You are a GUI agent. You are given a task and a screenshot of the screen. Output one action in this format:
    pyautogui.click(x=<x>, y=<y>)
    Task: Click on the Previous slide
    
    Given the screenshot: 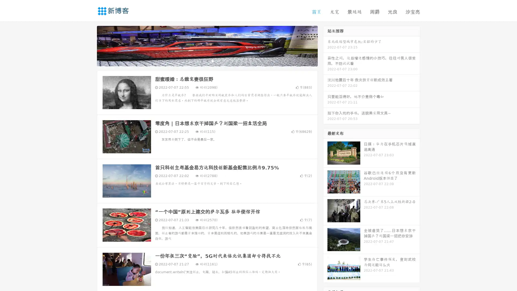 What is the action you would take?
    pyautogui.click(x=89, y=45)
    